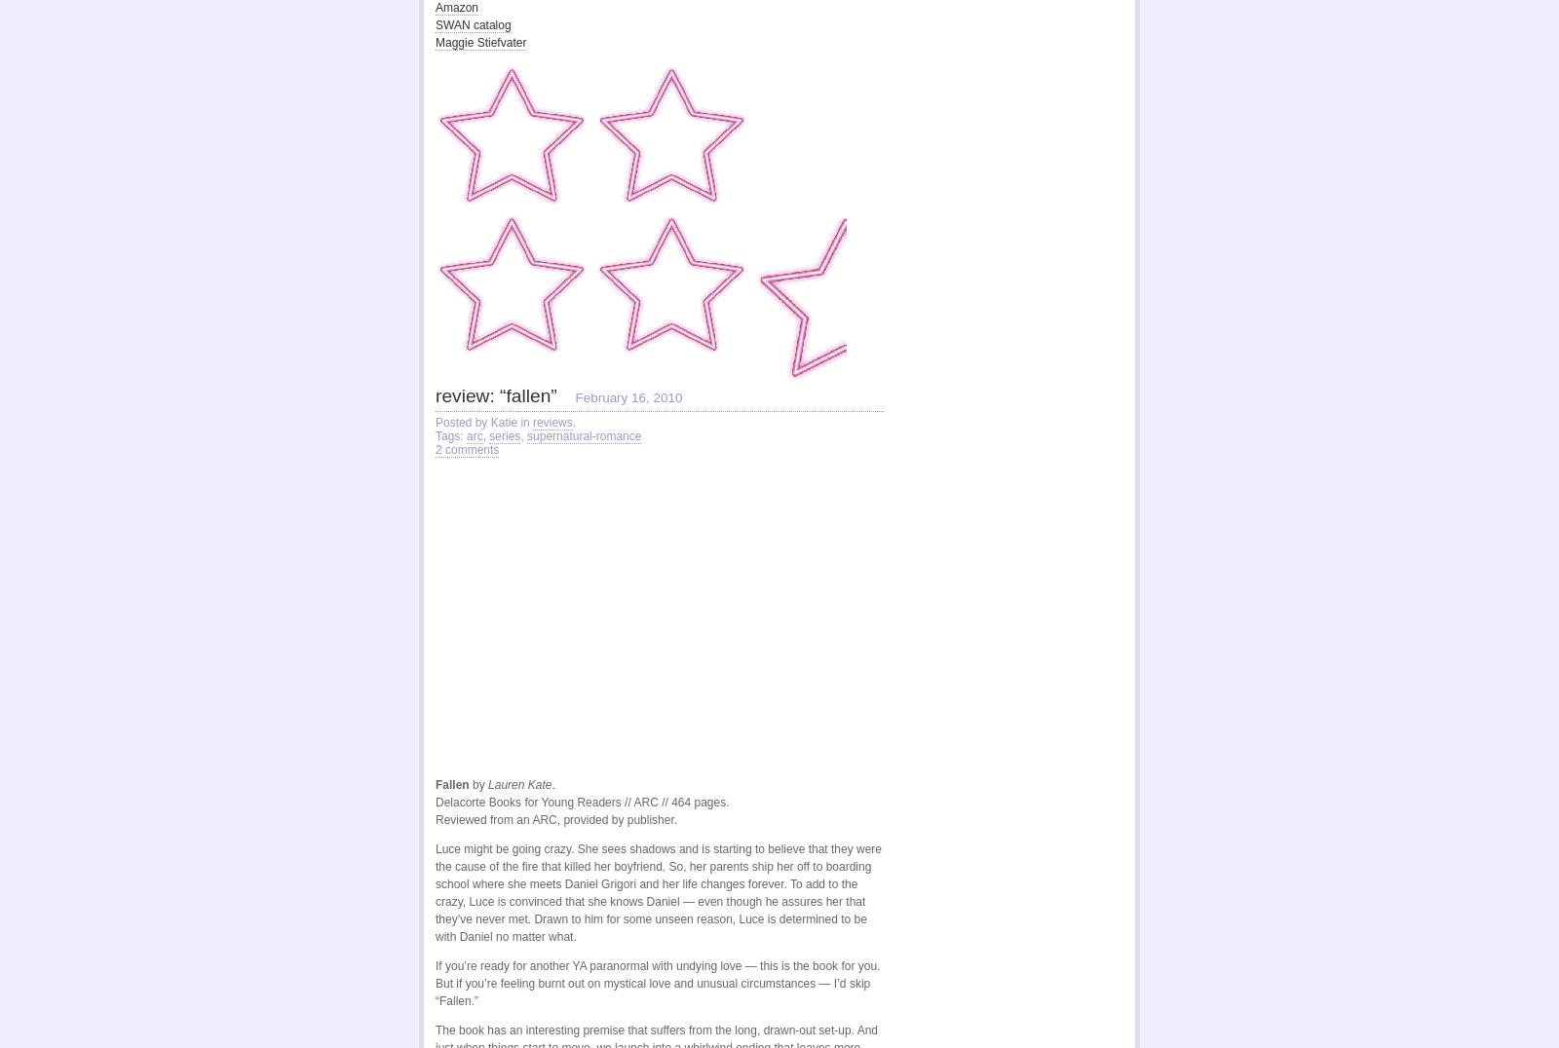 The image size is (1559, 1048). I want to click on 'reviews', so click(551, 418).